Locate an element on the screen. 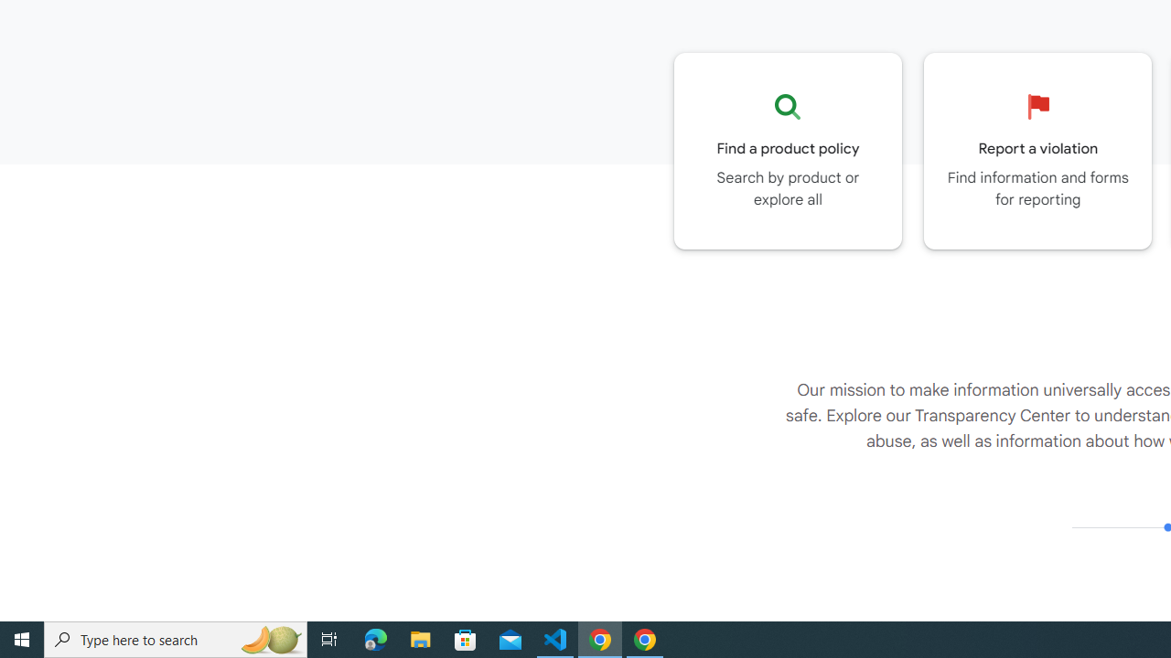 The width and height of the screenshot is (1171, 658). 'Go to the Reporting and appeals page' is located at coordinates (1037, 150).